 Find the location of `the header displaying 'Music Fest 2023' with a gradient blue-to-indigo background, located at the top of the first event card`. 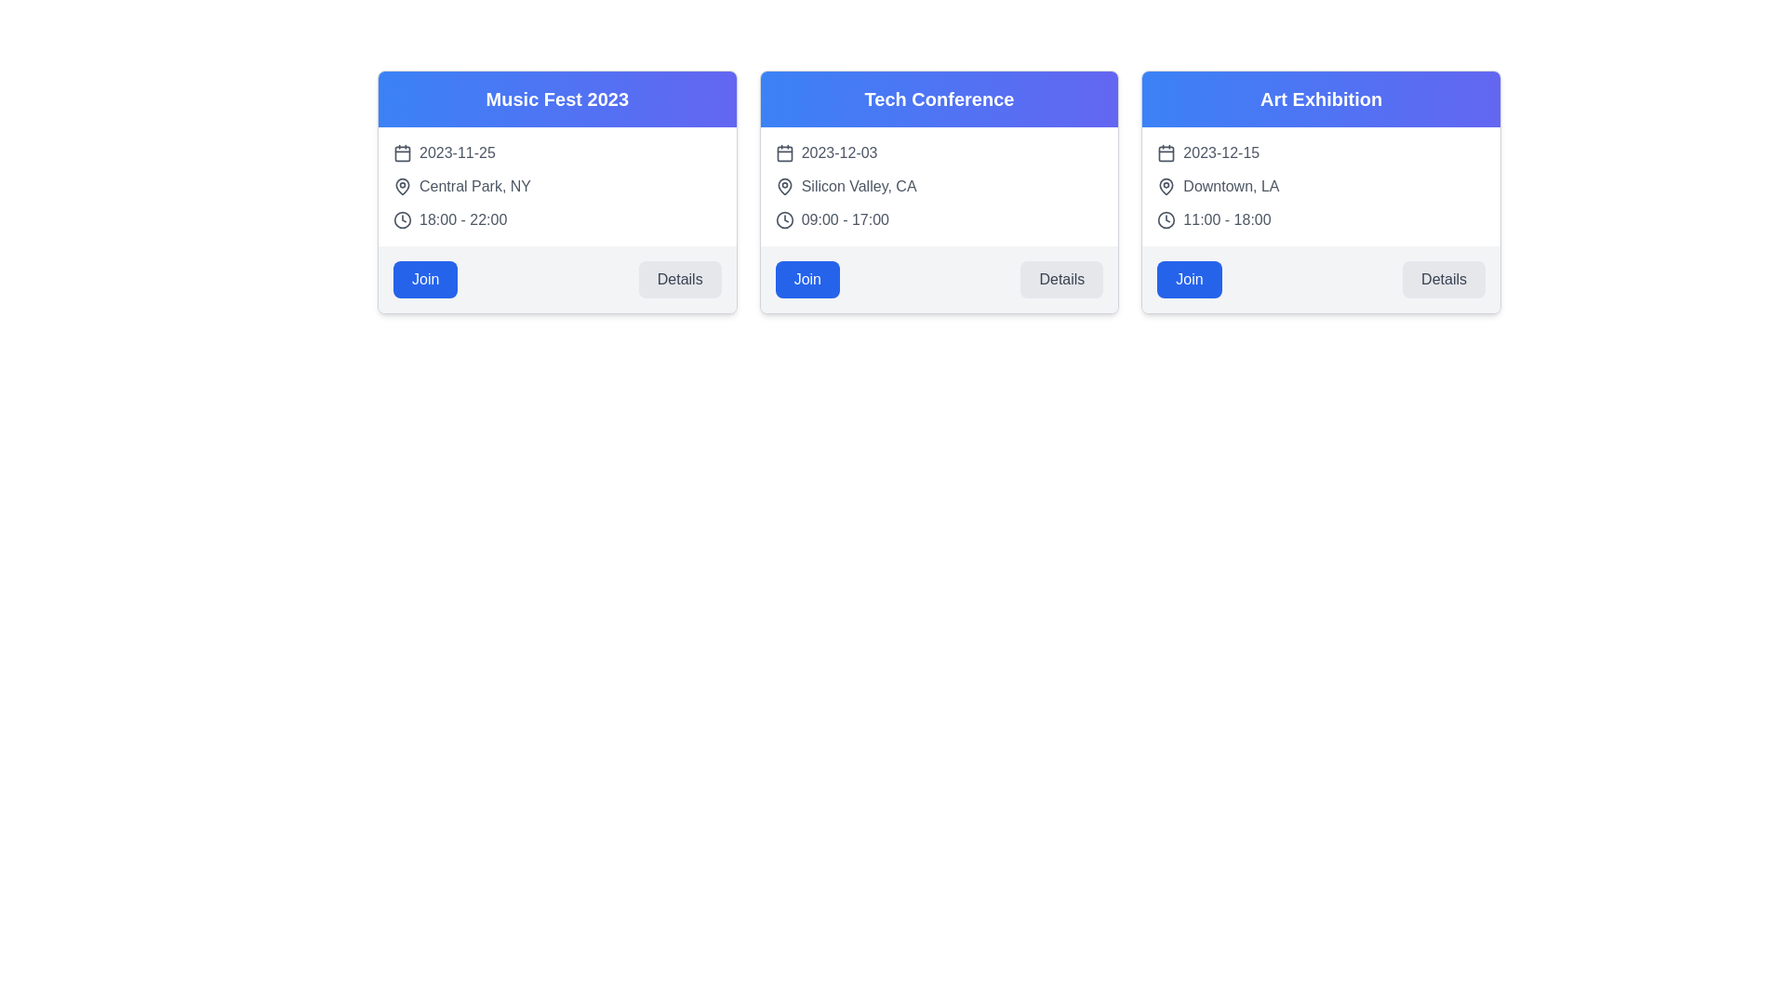

the header displaying 'Music Fest 2023' with a gradient blue-to-indigo background, located at the top of the first event card is located at coordinates (556, 99).